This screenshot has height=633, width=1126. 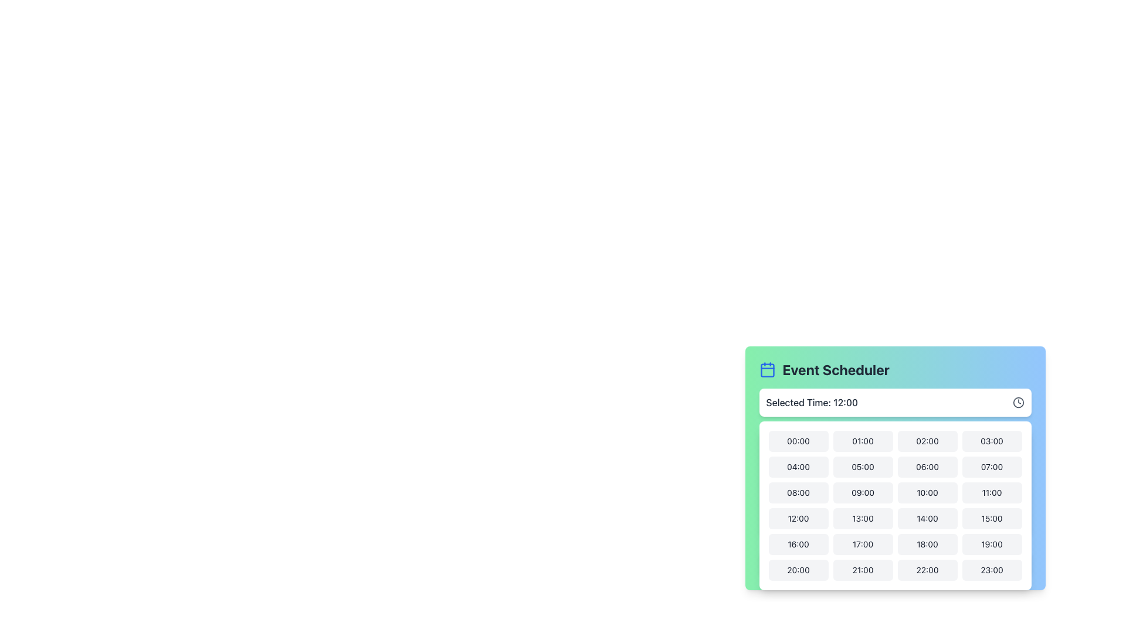 What do you see at coordinates (991, 467) in the screenshot?
I see `the '07:00' time selection button in the Event Scheduler dropdown menu` at bounding box center [991, 467].